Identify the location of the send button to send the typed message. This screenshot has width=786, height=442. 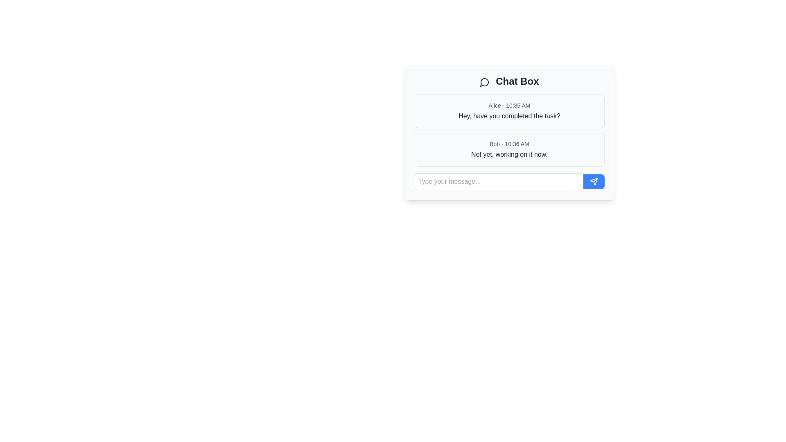
(594, 181).